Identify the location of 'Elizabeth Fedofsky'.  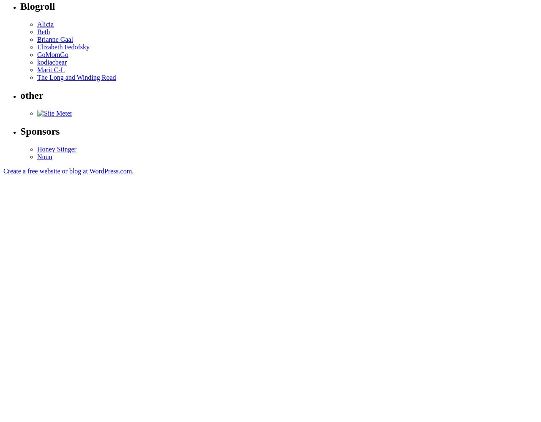
(63, 46).